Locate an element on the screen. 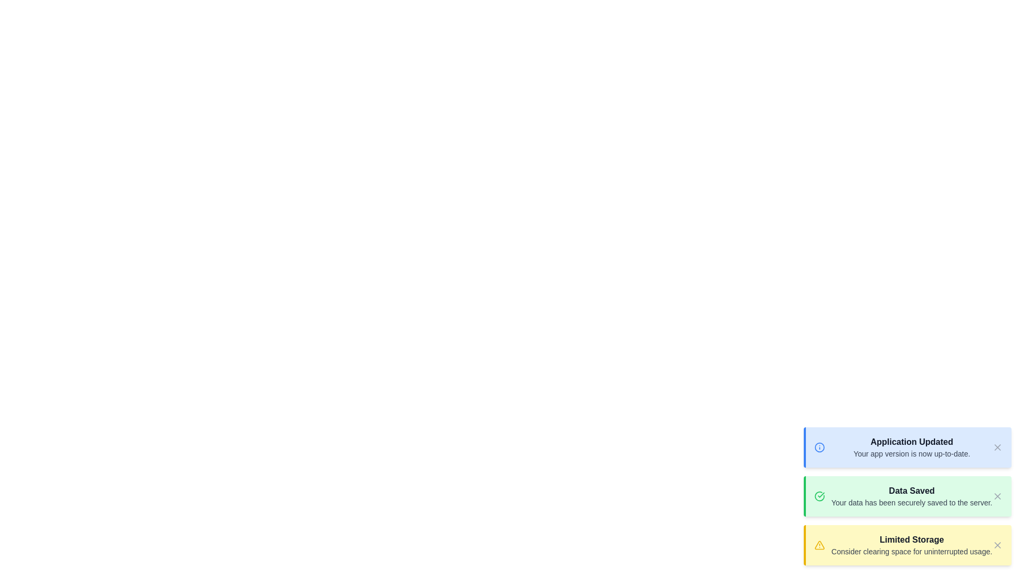 The image size is (1020, 574). the close button of the notification with the title Data Saved is located at coordinates (997, 496).